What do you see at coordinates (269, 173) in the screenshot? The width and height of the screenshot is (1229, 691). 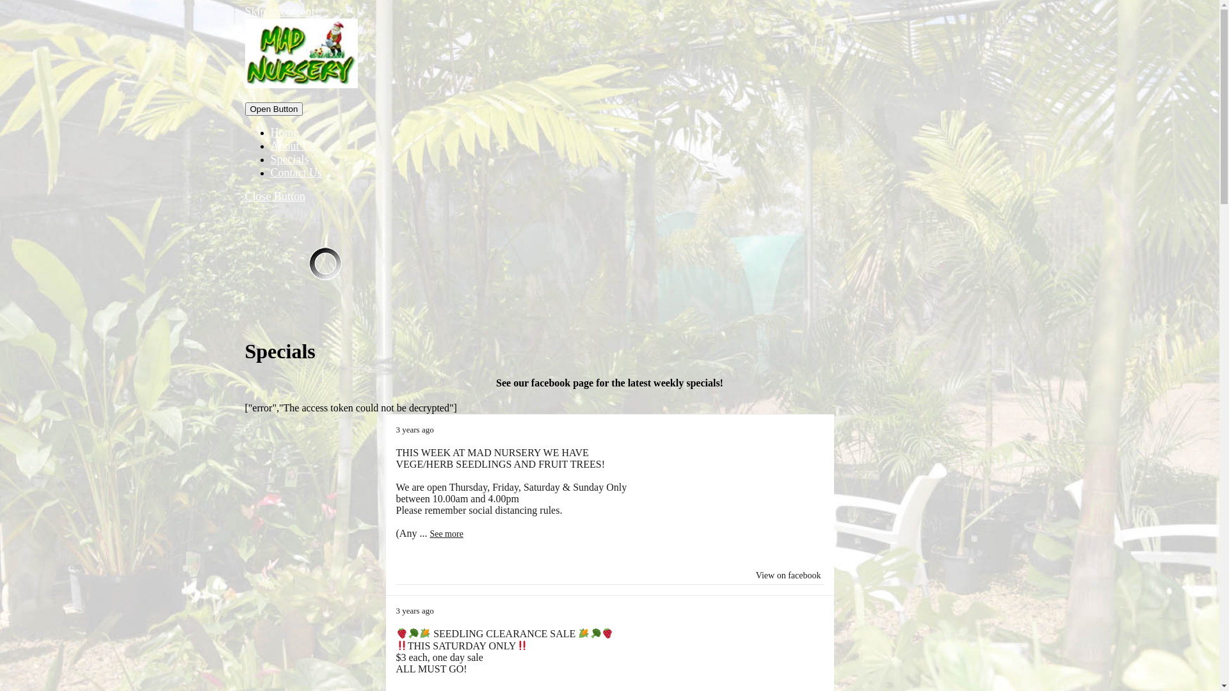 I see `'Contact Us'` at bounding box center [269, 173].